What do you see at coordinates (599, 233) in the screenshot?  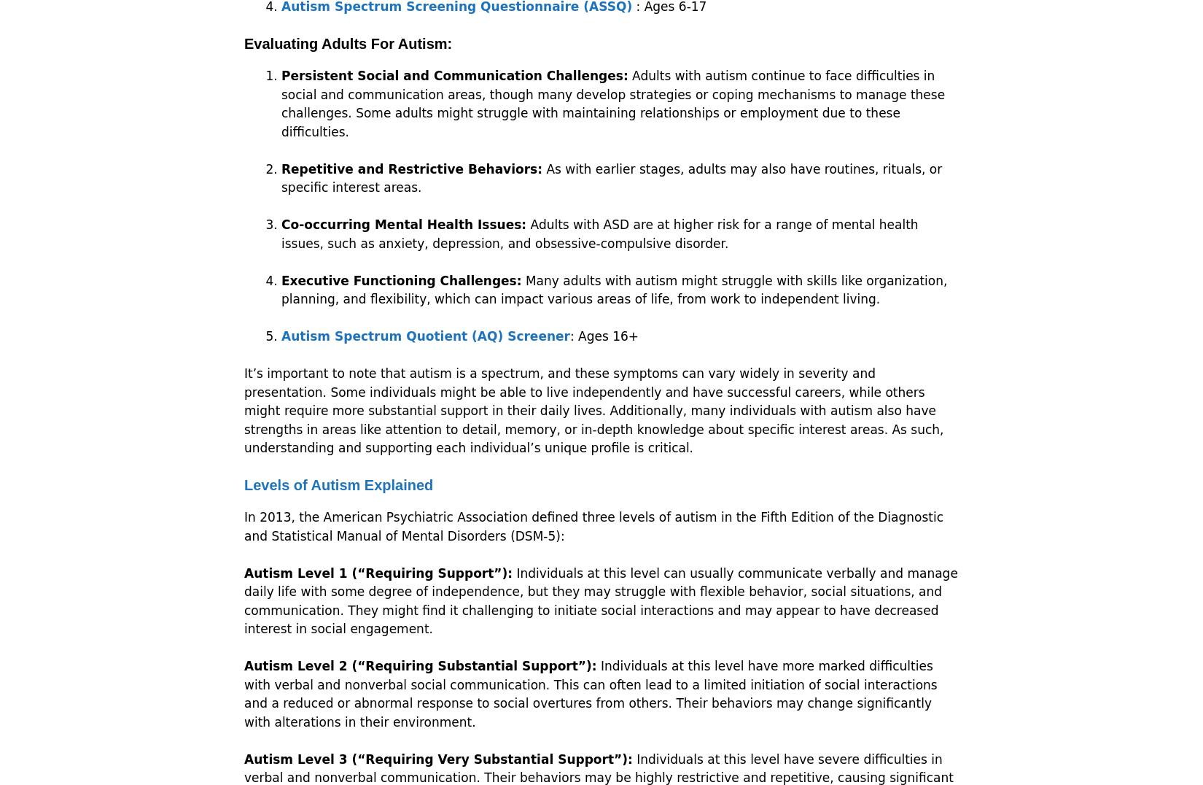 I see `'Adults with ASD are at higher risk for a range of mental health issues, such as anxiety, depression, and obsessive-compulsive disorder.'` at bounding box center [599, 233].